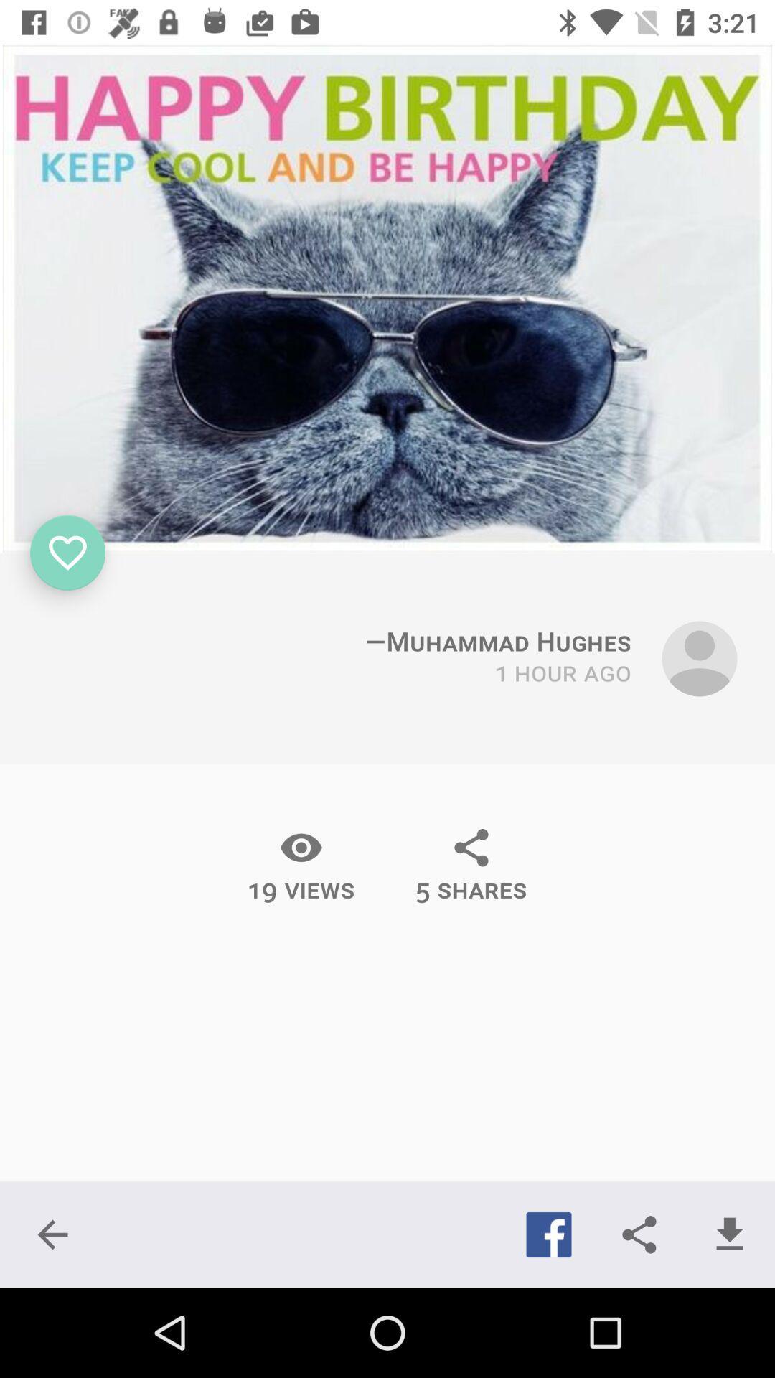  What do you see at coordinates (471, 864) in the screenshot?
I see `the icon with the text which is right to the text 19 views` at bounding box center [471, 864].